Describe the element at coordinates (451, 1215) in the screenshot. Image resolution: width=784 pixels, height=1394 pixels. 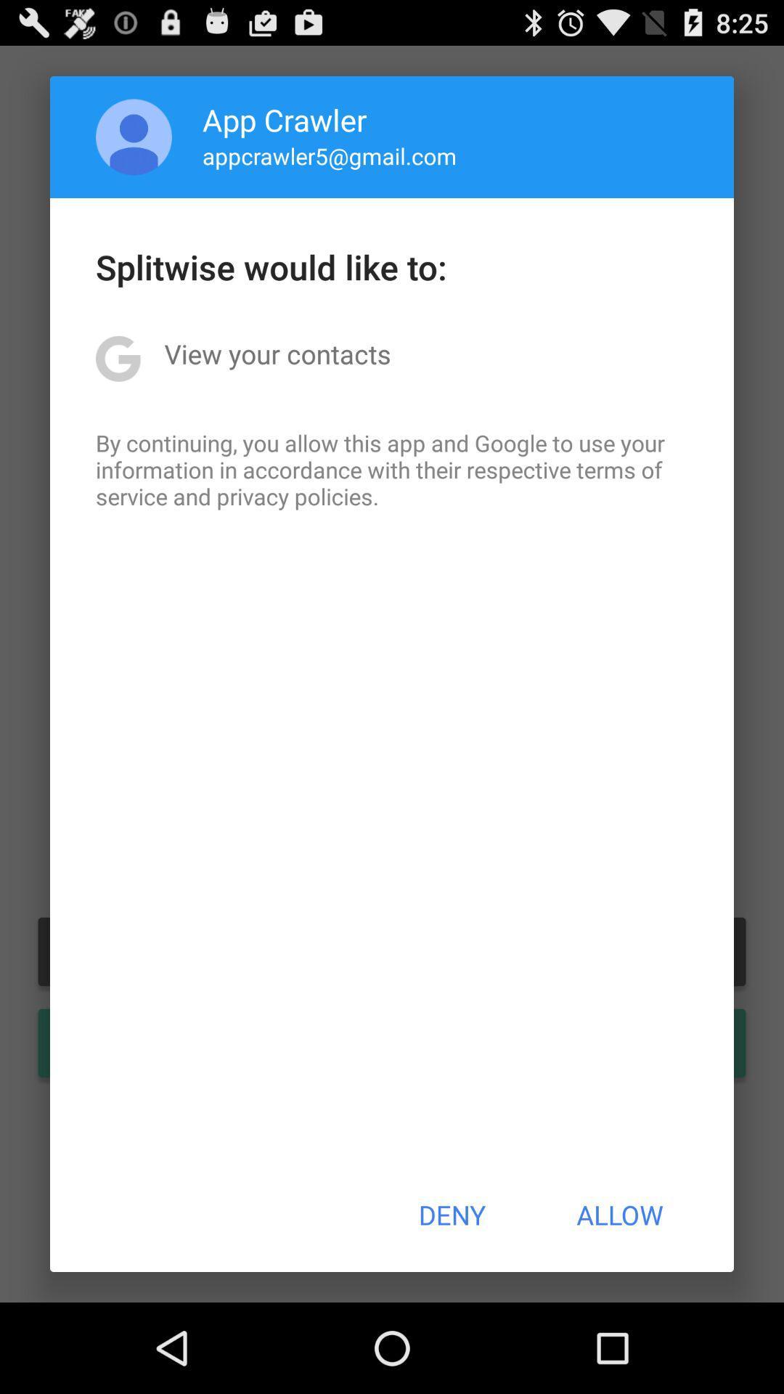
I see `item to the left of the allow` at that location.